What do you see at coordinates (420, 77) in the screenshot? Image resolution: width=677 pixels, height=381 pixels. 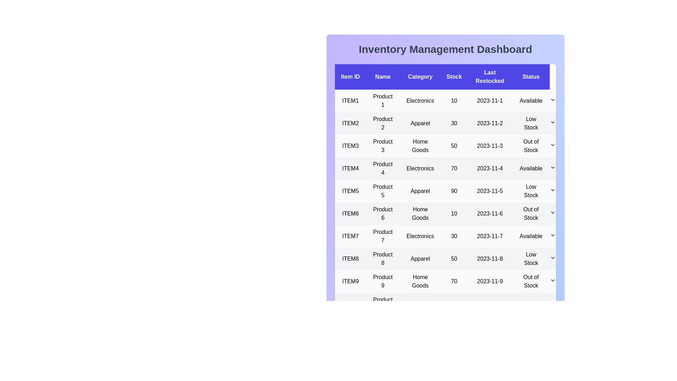 I see `the column header Category to sort the data by that column` at bounding box center [420, 77].